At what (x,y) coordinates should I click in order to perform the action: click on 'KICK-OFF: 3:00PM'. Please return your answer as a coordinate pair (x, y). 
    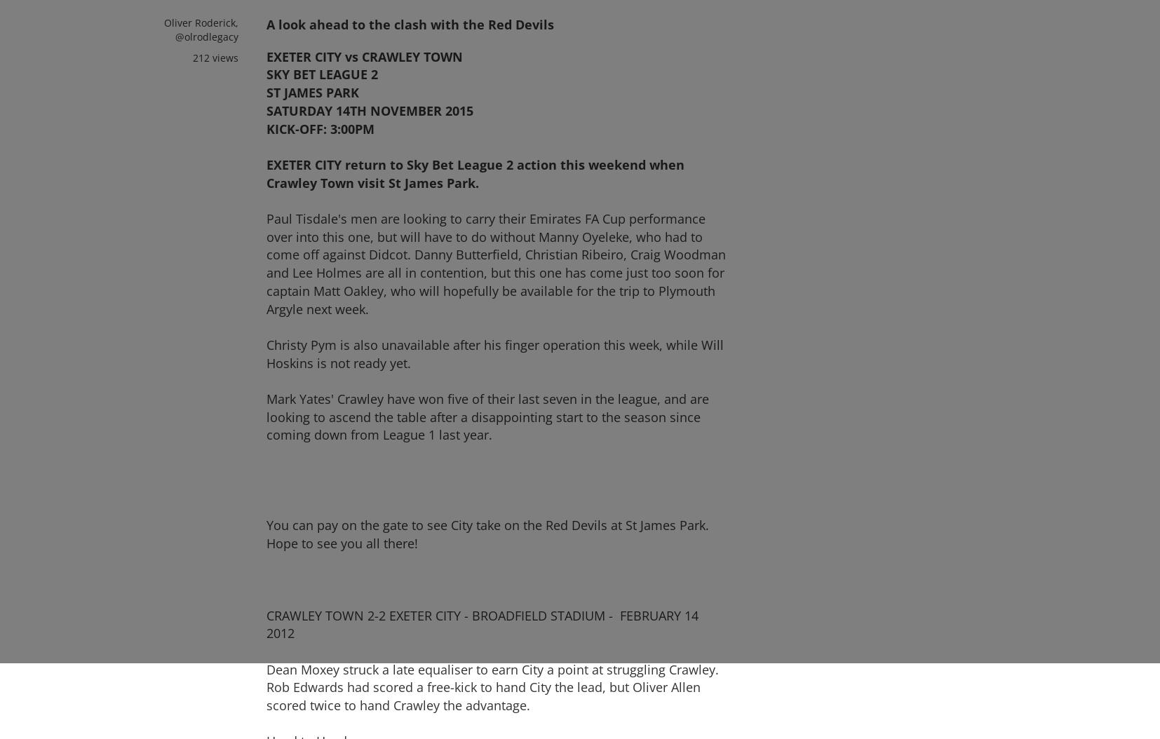
    Looking at the image, I should click on (321, 127).